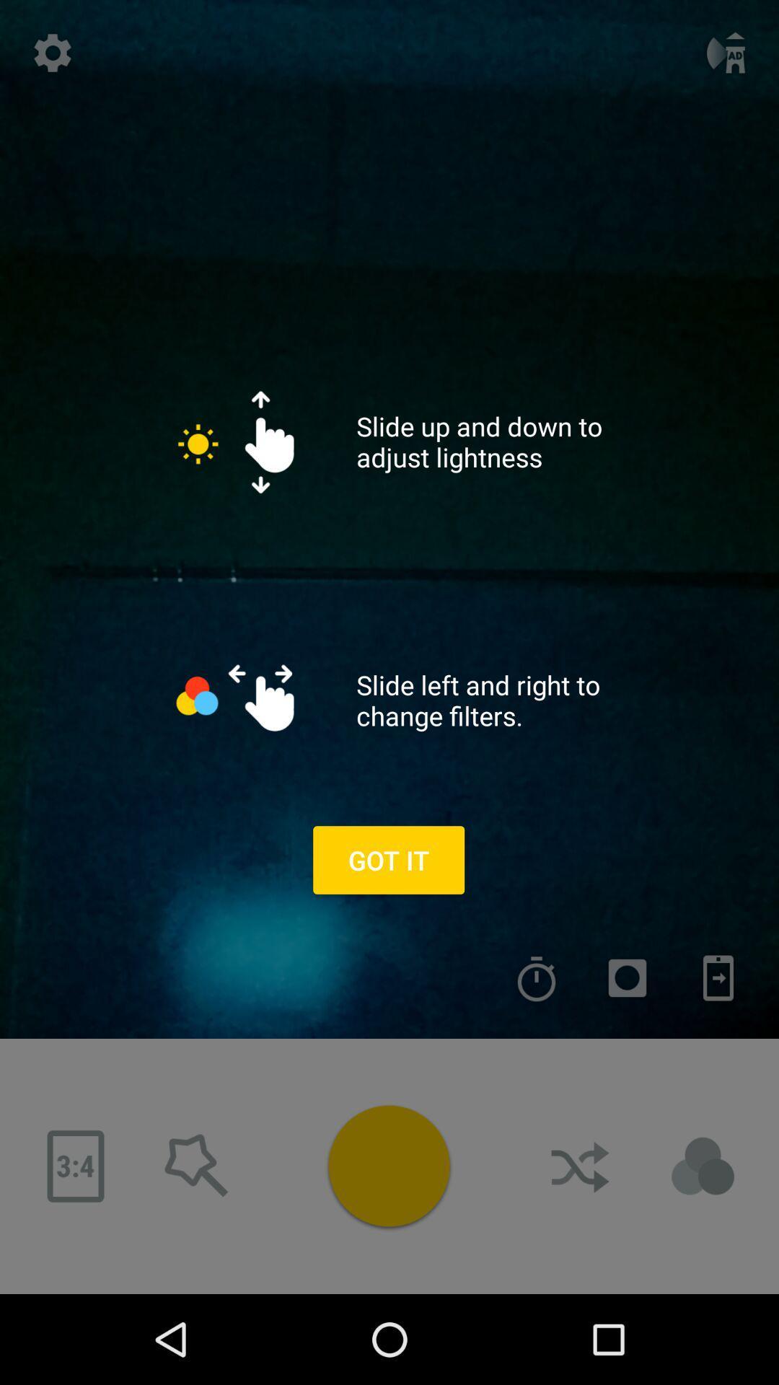  I want to click on record, so click(627, 978).